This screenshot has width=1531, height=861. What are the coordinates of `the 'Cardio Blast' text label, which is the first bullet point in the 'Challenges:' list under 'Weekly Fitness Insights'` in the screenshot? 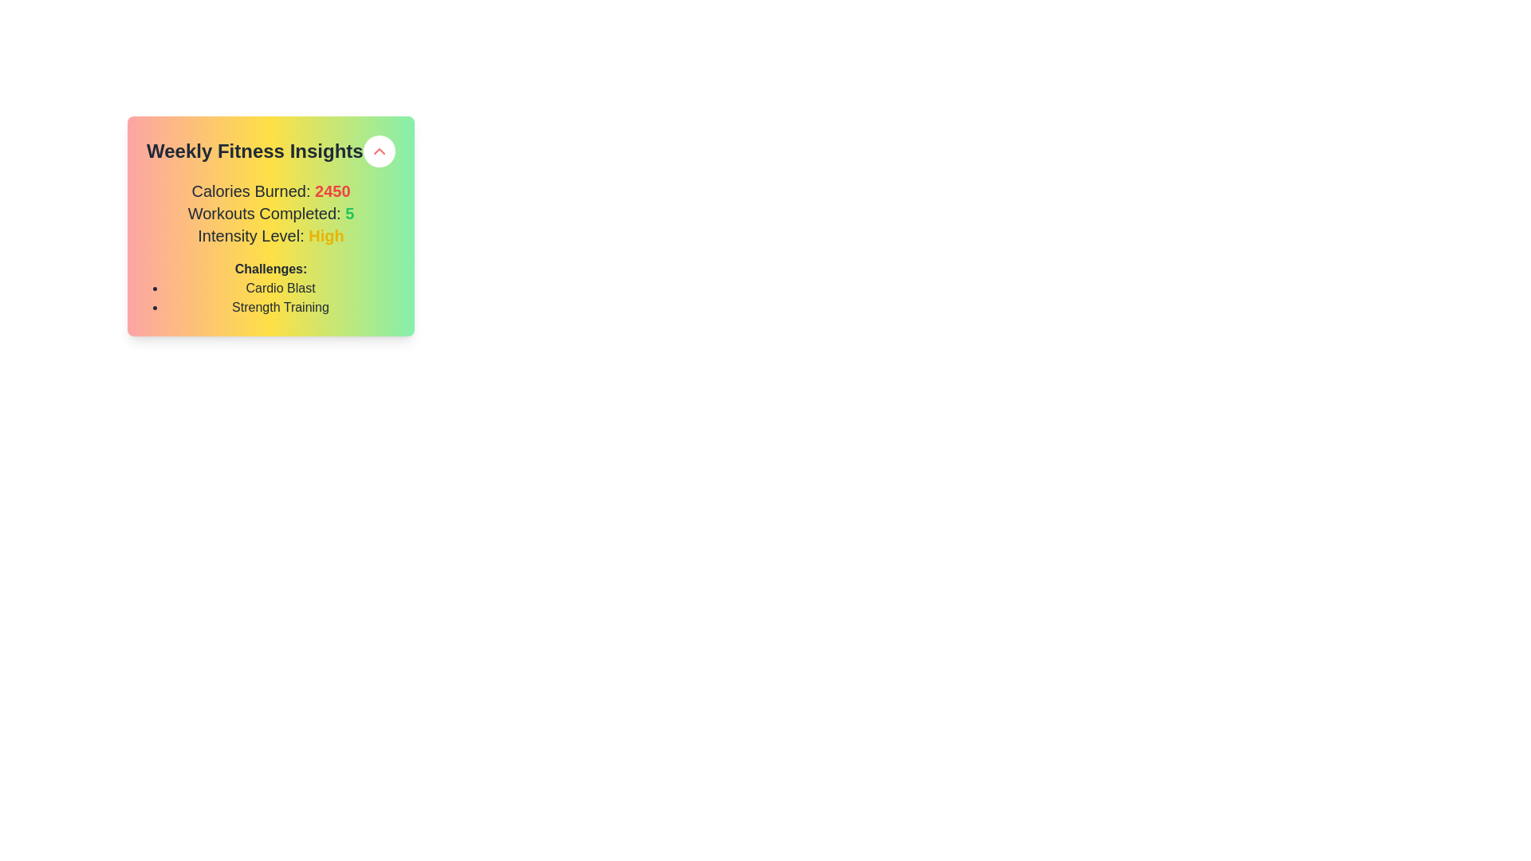 It's located at (280, 289).